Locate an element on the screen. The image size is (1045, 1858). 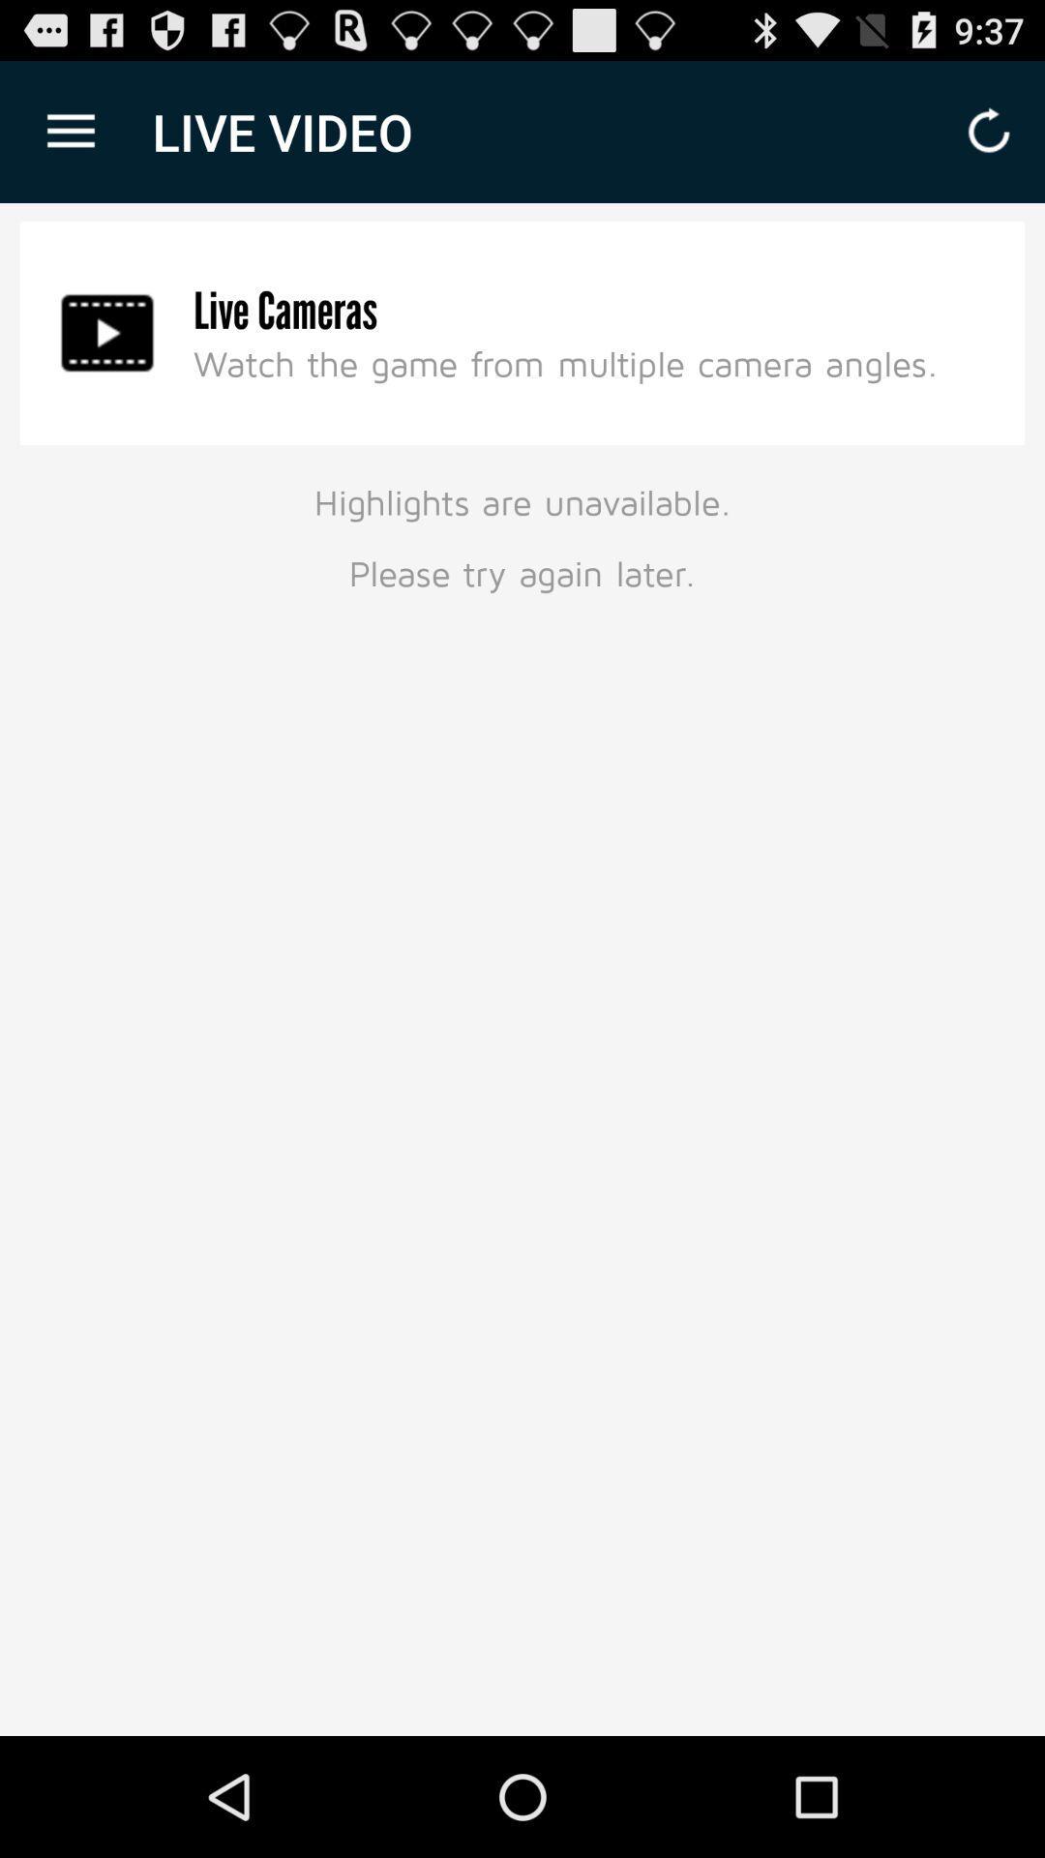
the item above watch the game is located at coordinates (285, 311).